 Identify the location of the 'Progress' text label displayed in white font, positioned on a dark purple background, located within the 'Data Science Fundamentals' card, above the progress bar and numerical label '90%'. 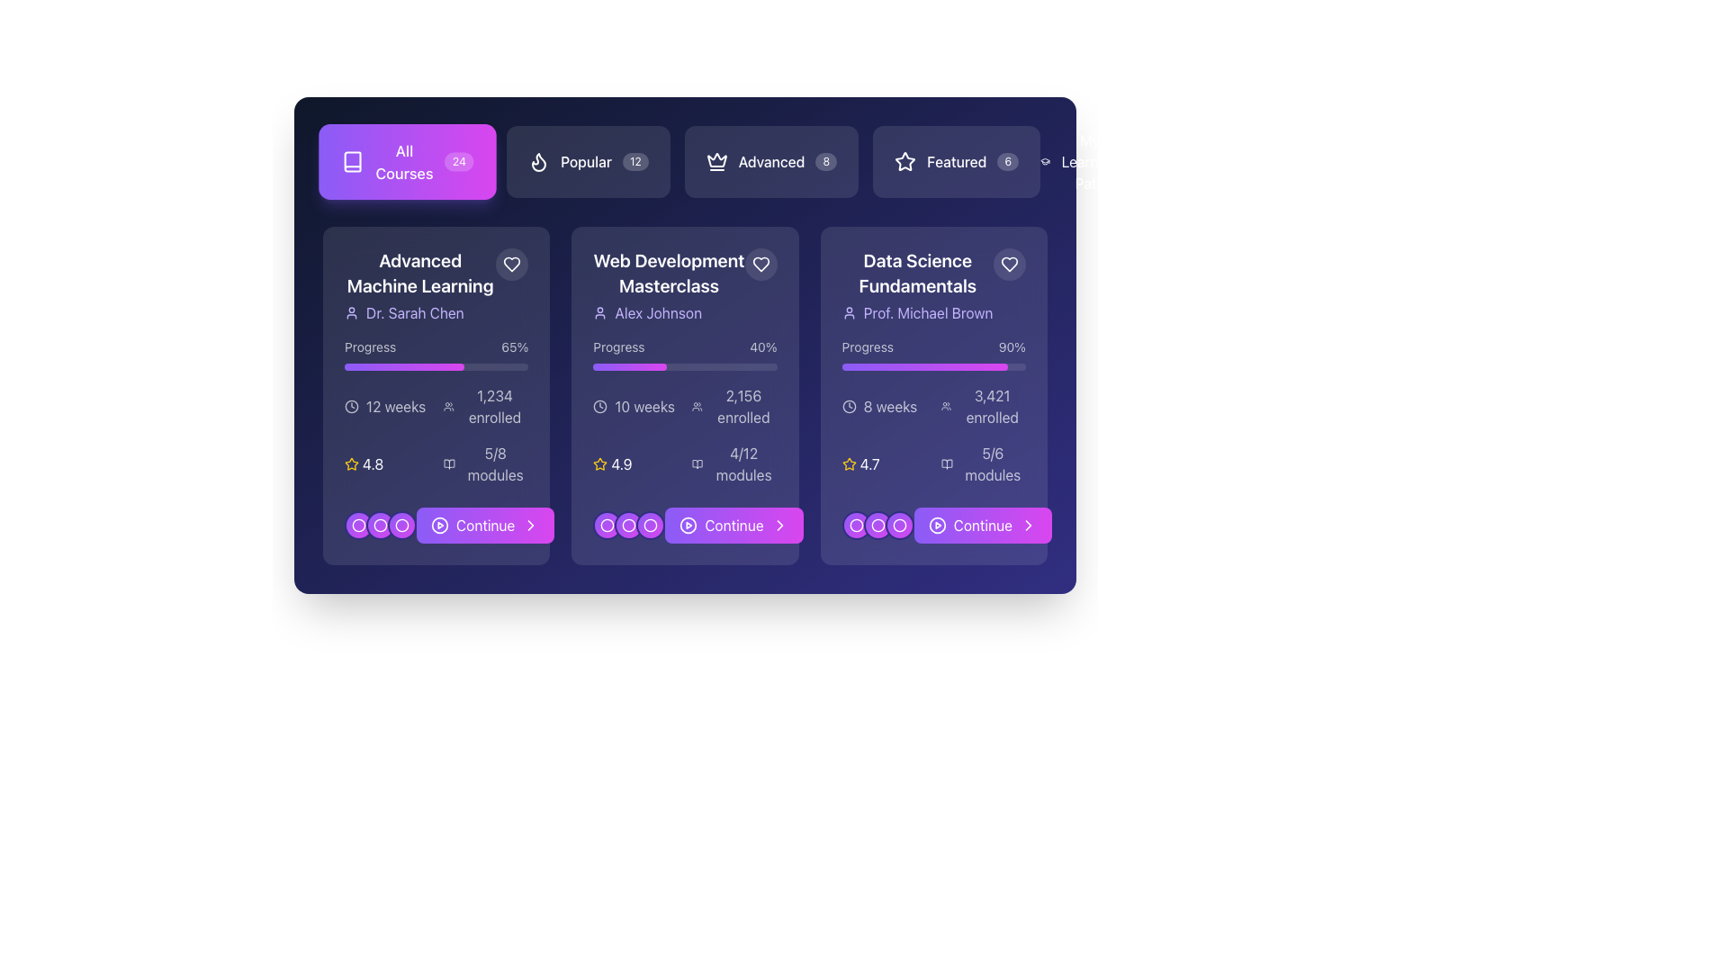
(868, 346).